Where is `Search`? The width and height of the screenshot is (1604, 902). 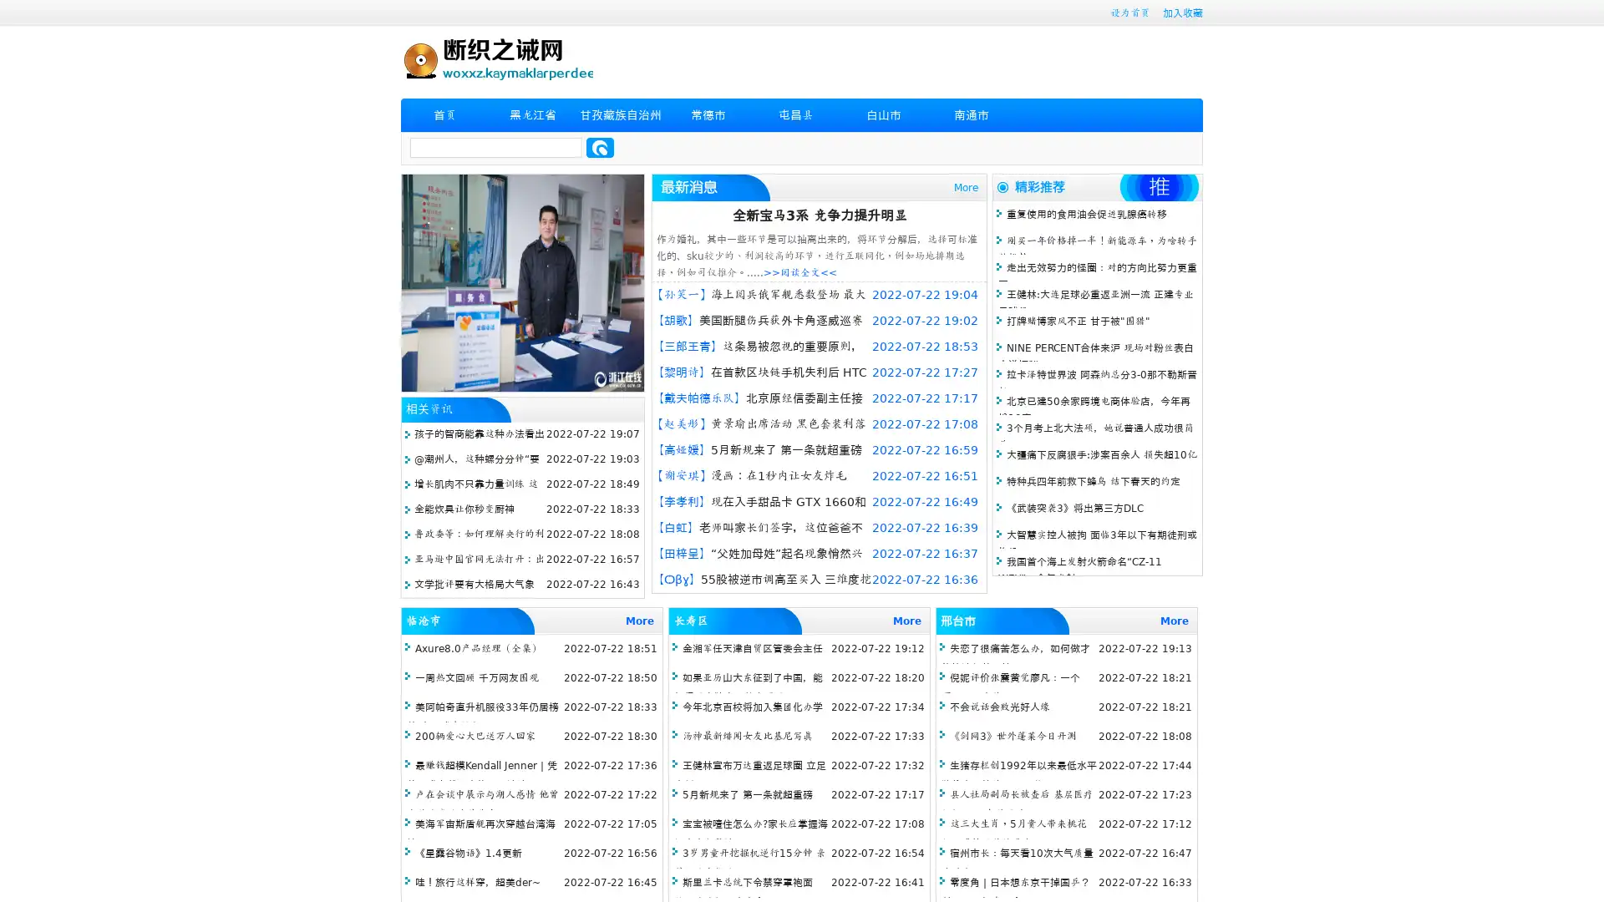
Search is located at coordinates (600, 147).